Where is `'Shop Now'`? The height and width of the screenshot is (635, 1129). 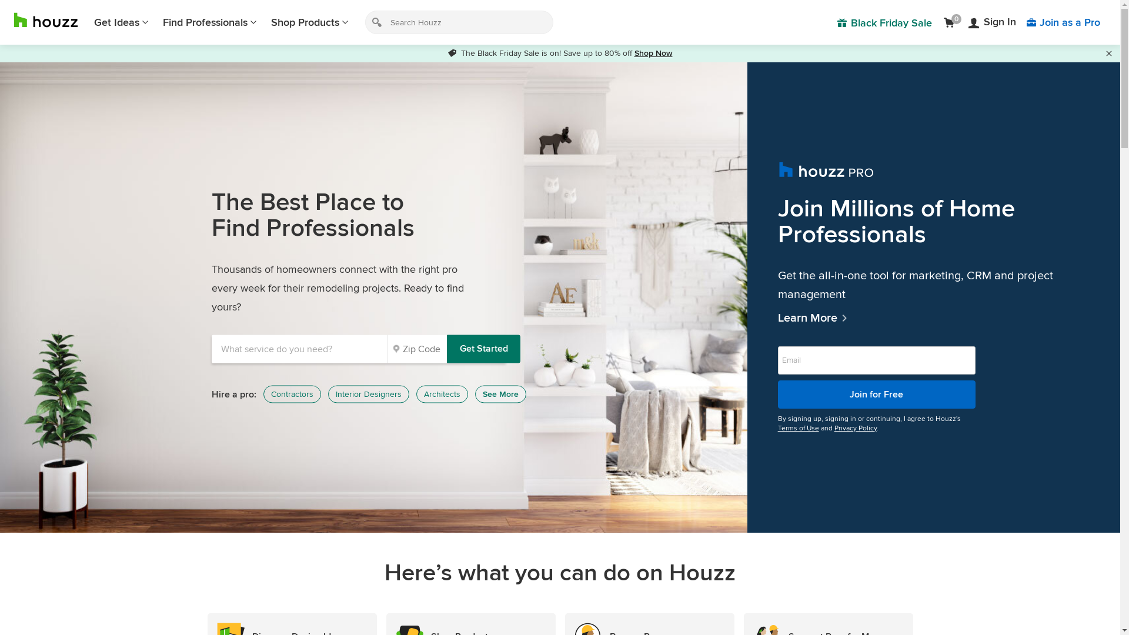 'Shop Now' is located at coordinates (652, 53).